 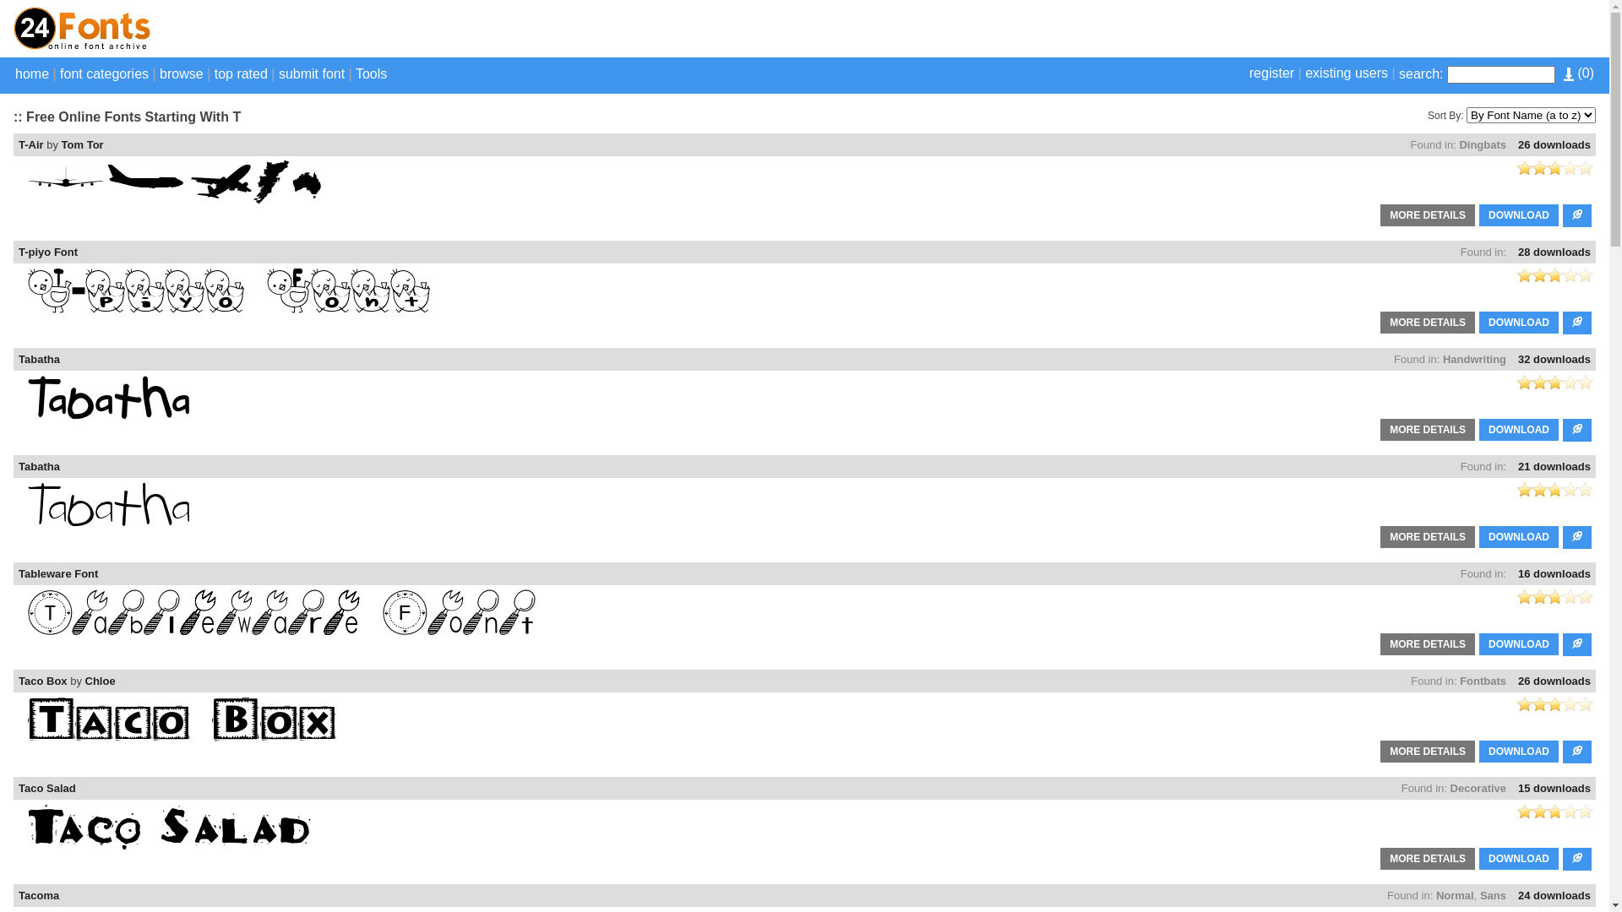 I want to click on 'register', so click(x=1271, y=72).